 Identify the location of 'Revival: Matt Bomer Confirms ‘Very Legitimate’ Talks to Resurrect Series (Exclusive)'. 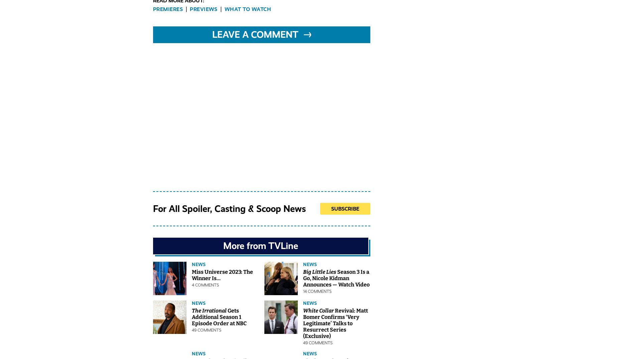
(335, 323).